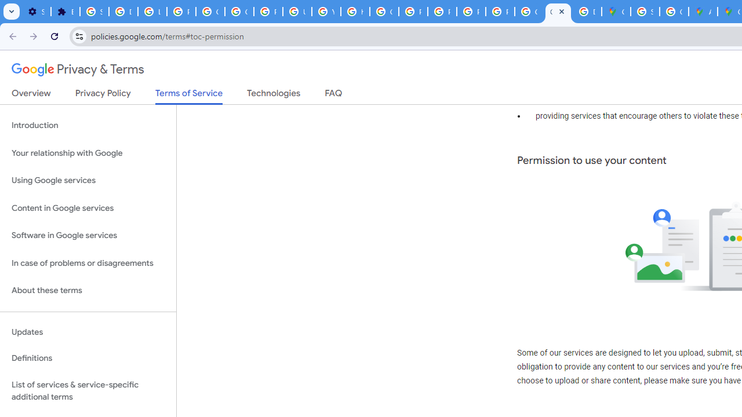 The height and width of the screenshot is (417, 742). What do you see at coordinates (152, 12) in the screenshot?
I see `'Learn how to find your photos - Google Photos Help'` at bounding box center [152, 12].